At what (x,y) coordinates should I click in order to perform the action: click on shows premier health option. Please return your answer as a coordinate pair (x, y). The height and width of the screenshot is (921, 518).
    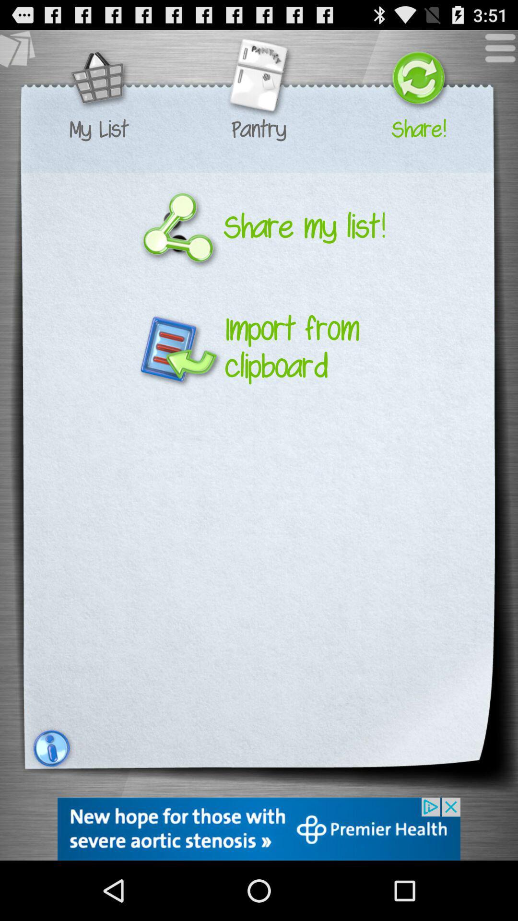
    Looking at the image, I should click on (259, 828).